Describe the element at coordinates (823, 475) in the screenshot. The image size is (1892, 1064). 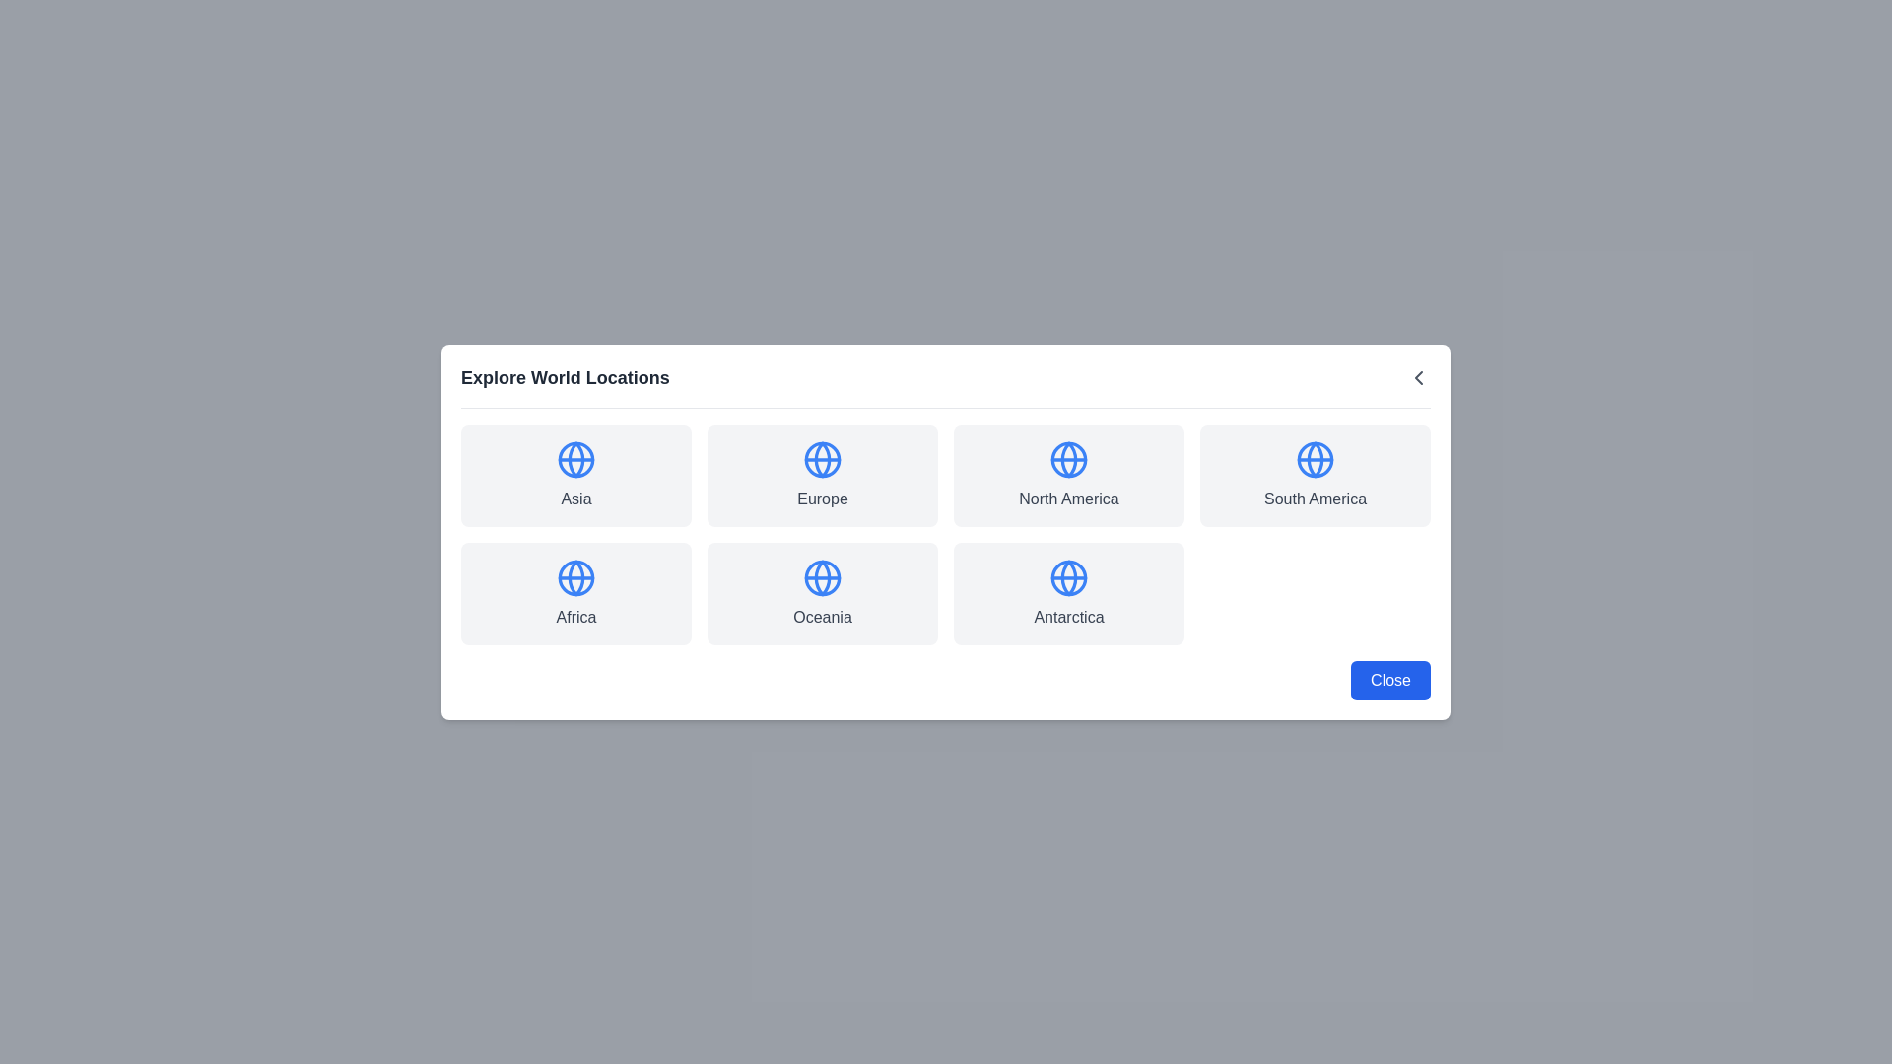
I see `the location Europe to select it` at that location.